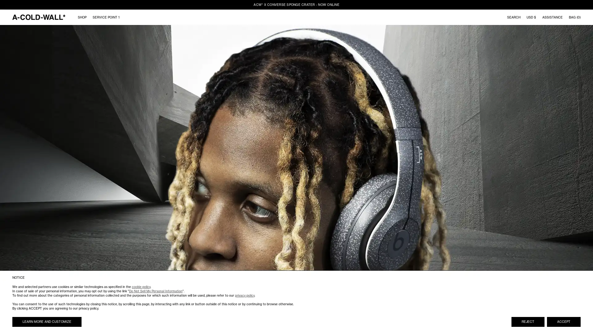  Describe the element at coordinates (564, 322) in the screenshot. I see `ACCEPT` at that location.